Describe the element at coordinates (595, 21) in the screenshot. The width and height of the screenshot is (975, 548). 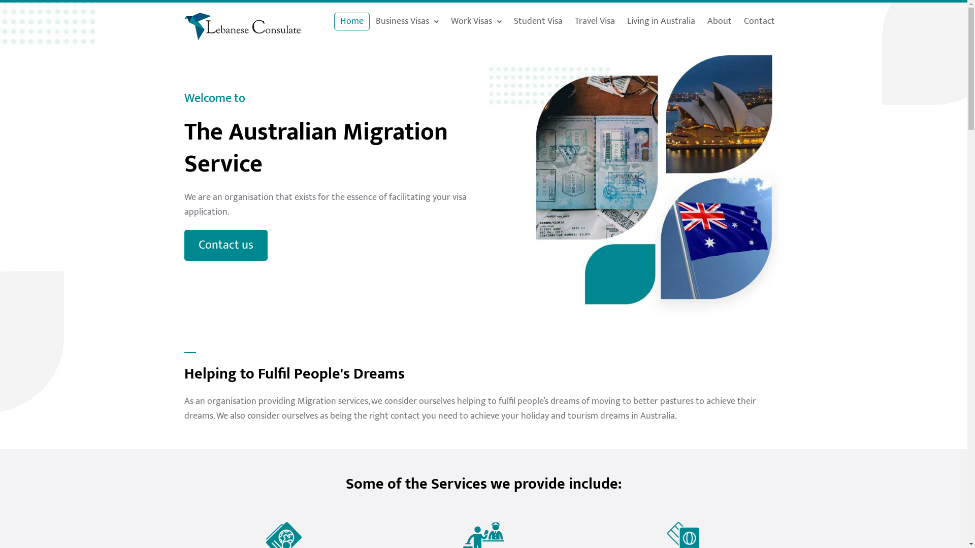
I see `'Travel Visa'` at that location.